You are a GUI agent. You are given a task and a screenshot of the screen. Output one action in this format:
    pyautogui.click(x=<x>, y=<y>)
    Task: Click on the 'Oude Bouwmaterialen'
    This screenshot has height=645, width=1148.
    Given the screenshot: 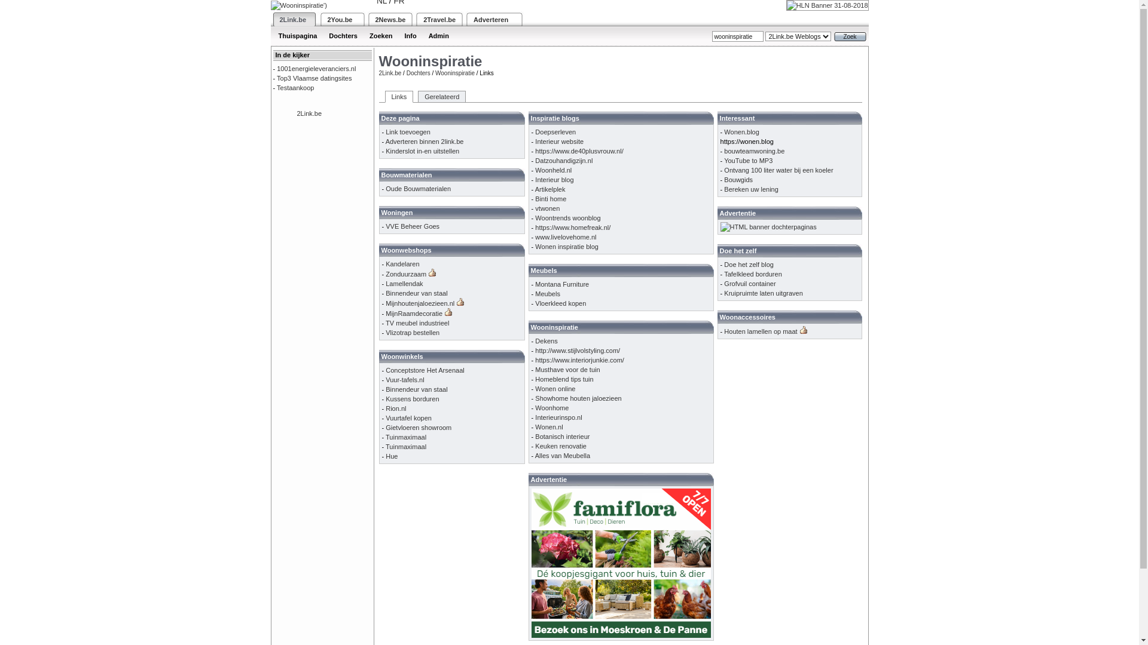 What is the action you would take?
    pyautogui.click(x=418, y=188)
    